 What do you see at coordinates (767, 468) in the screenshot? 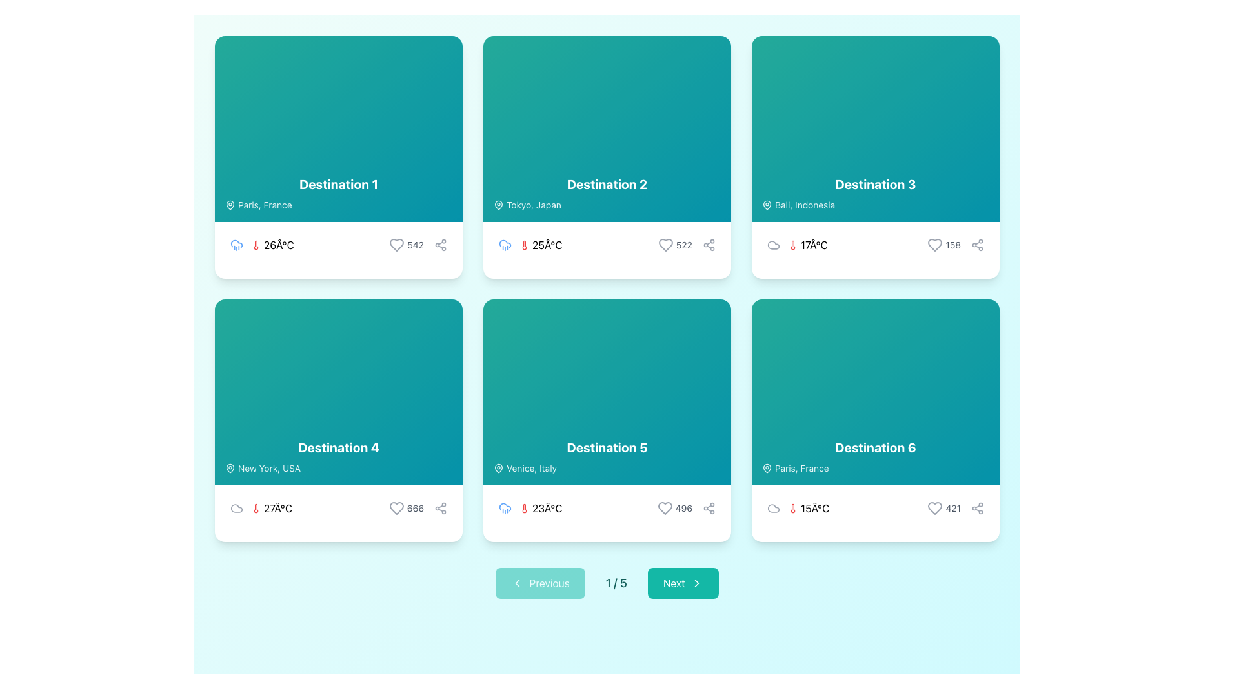
I see `the map pin icon located in the 'Paris, France' text section of the card labeled 'Destination 6' in the bottom-right of the grid` at bounding box center [767, 468].